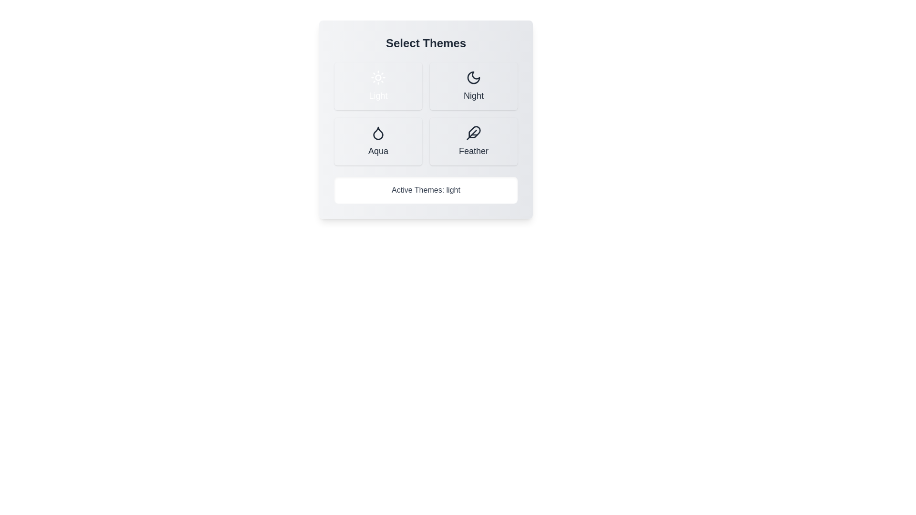 The width and height of the screenshot is (916, 515). I want to click on the text 'Active Themes: light' to select it, so click(425, 190).